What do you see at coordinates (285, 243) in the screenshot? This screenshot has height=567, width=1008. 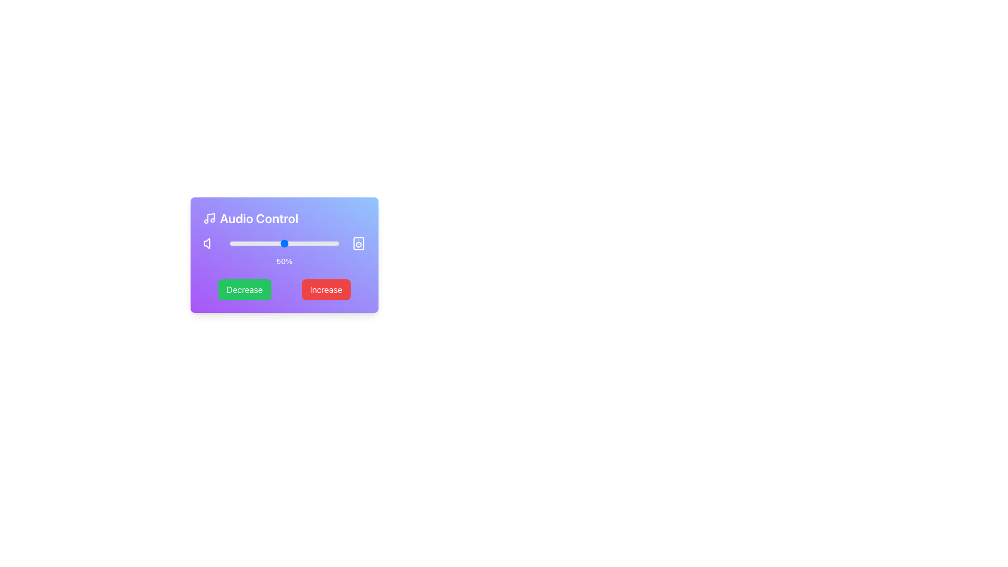 I see `the slider` at bounding box center [285, 243].